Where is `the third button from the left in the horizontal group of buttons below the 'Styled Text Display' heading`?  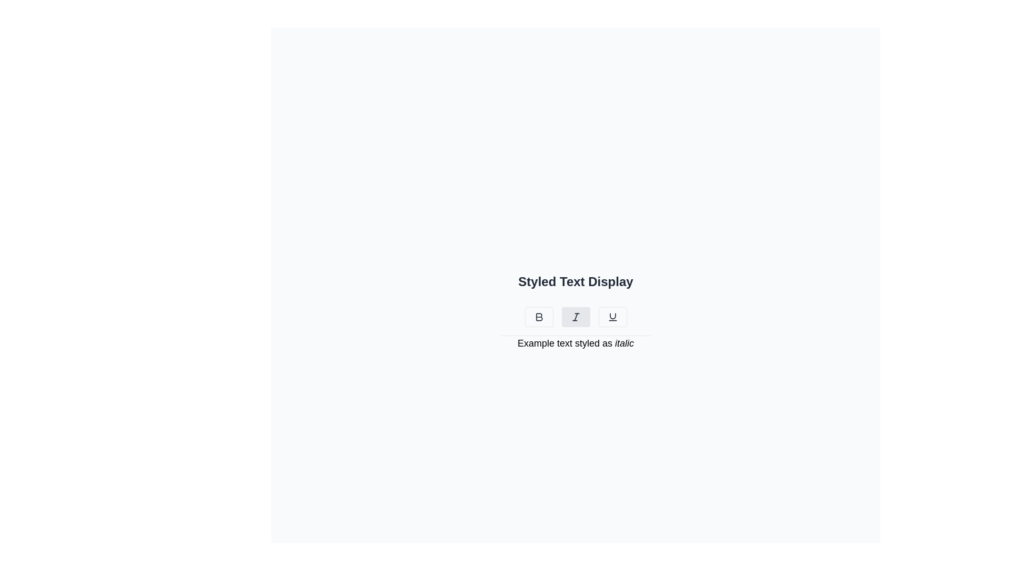
the third button from the left in the horizontal group of buttons below the 'Styled Text Display' heading is located at coordinates (612, 316).